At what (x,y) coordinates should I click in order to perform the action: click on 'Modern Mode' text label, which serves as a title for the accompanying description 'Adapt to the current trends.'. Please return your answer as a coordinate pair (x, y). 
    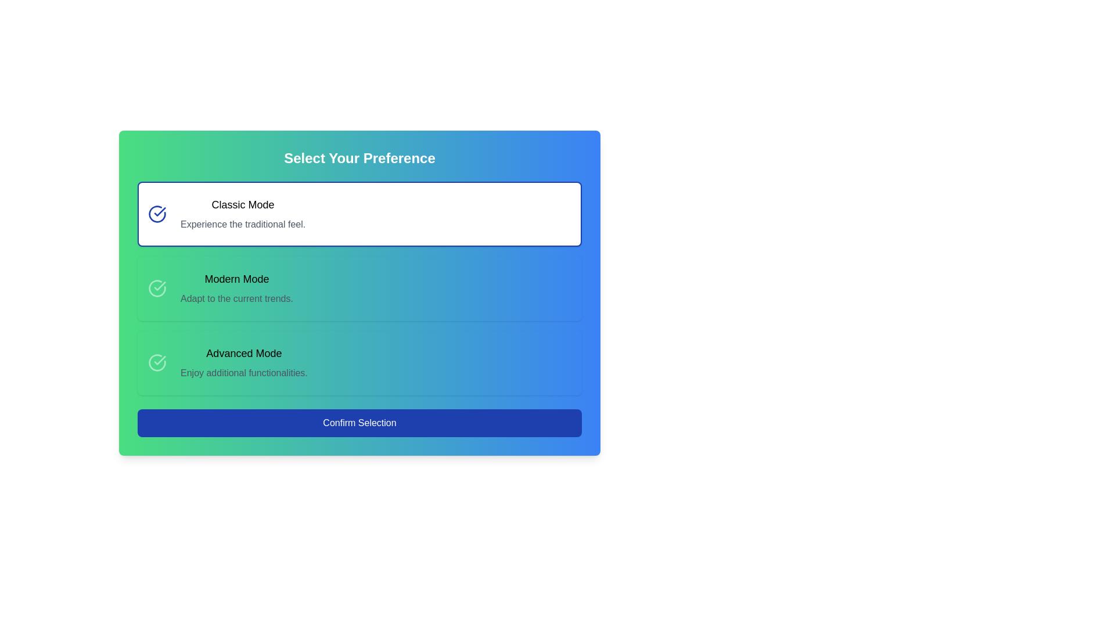
    Looking at the image, I should click on (236, 279).